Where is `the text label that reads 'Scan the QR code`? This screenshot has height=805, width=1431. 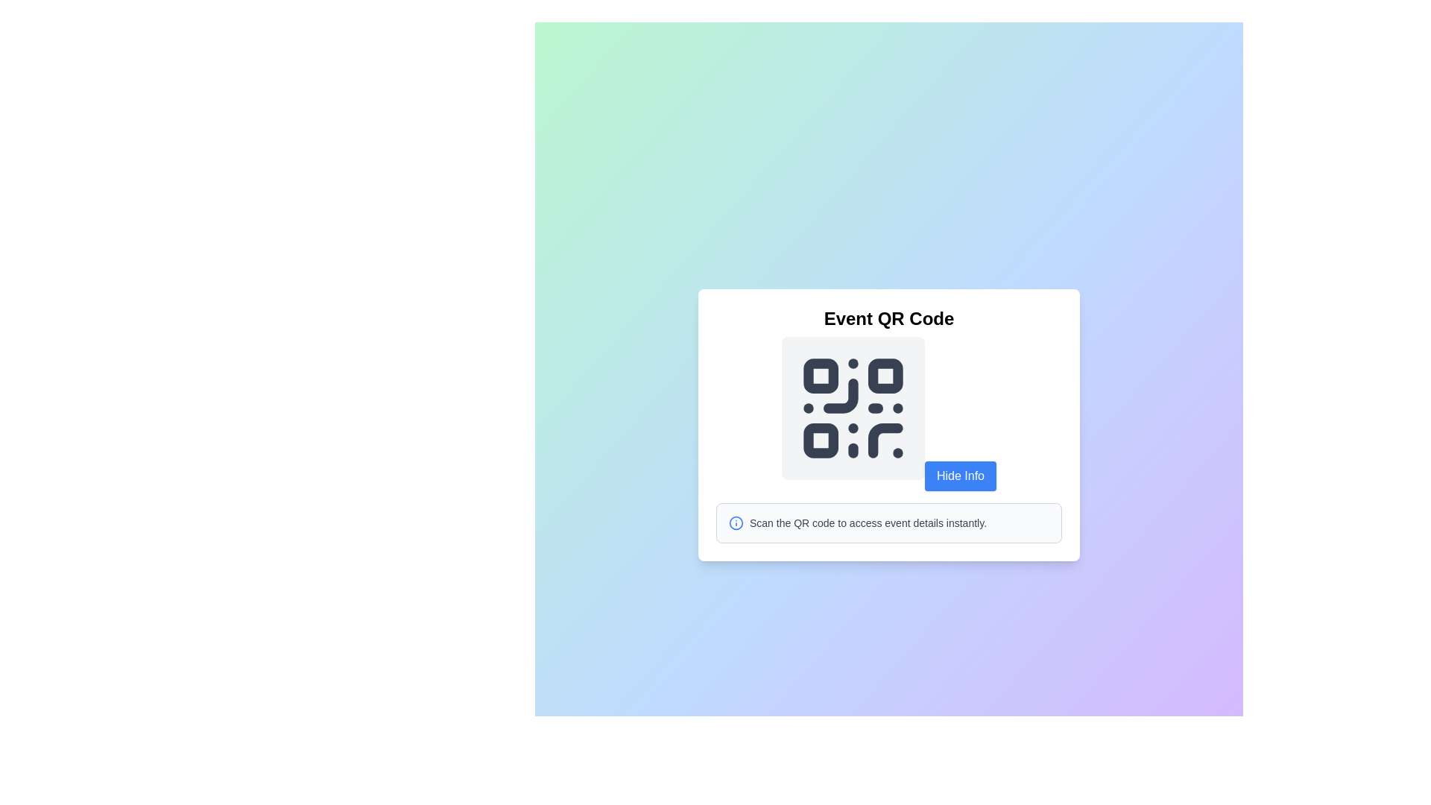
the text label that reads 'Scan the QR code is located at coordinates (868, 522).